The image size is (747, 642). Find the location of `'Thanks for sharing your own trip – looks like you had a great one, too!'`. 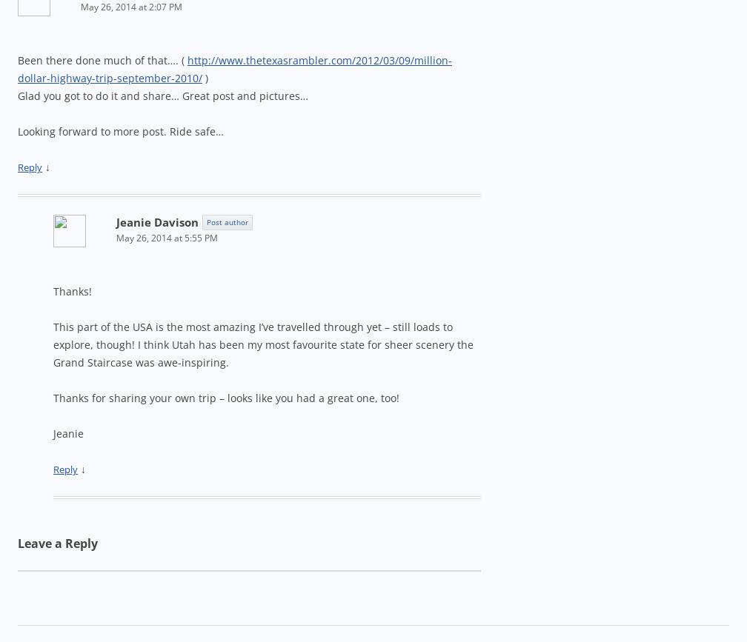

'Thanks for sharing your own trip – looks like you had a great one, too!' is located at coordinates (226, 397).